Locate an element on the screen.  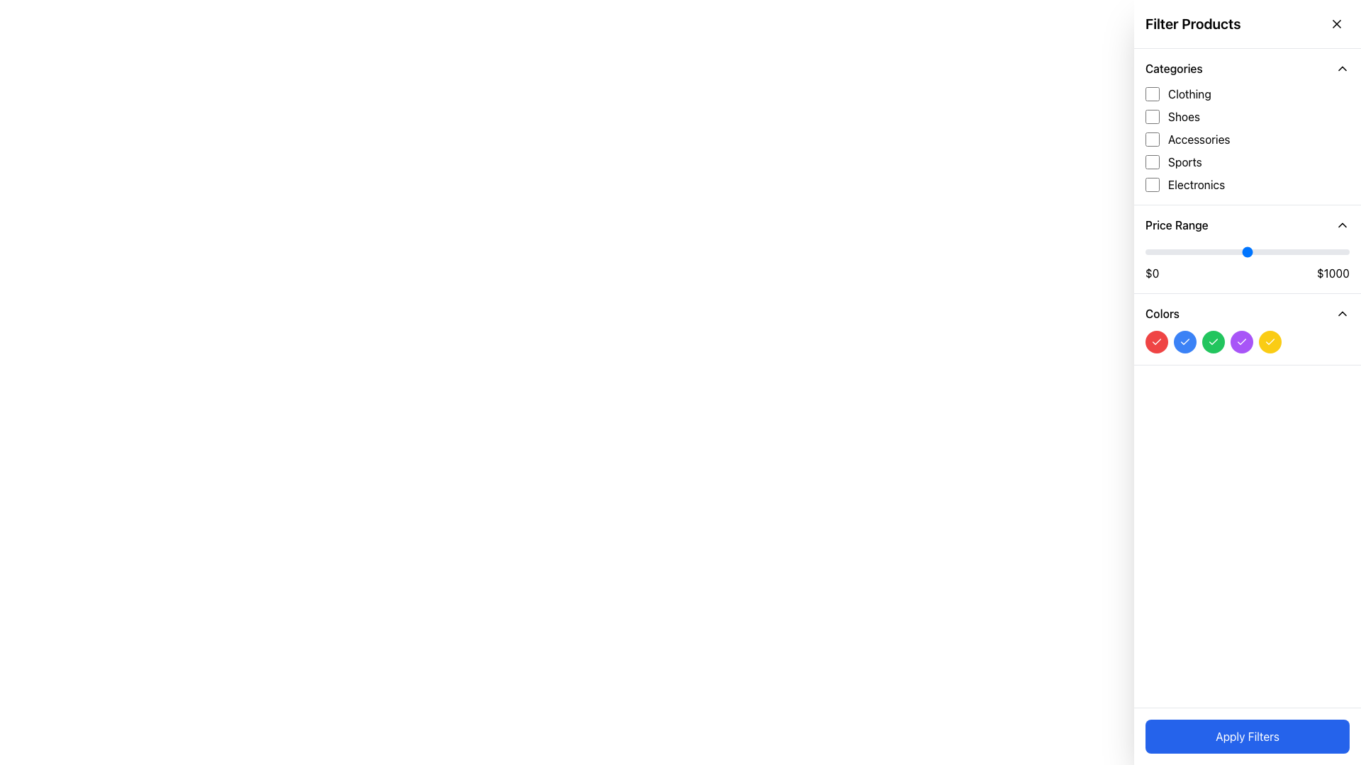
the Checkbox labeled 'Clothing' which is the first item in the 'Categories' section is located at coordinates (1248, 93).